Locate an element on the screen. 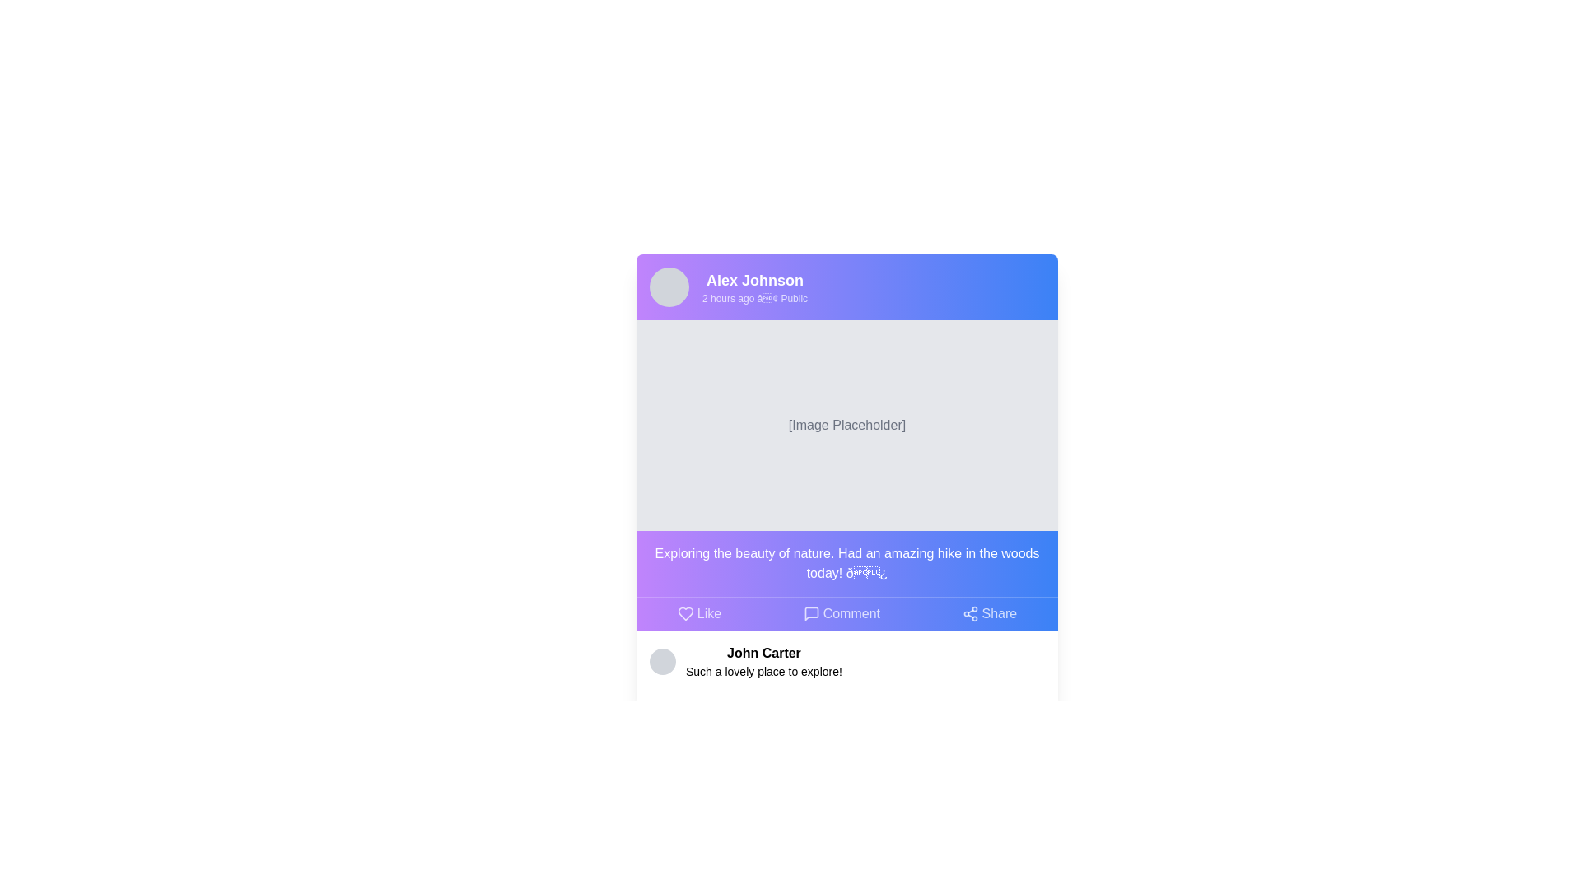 This screenshot has height=889, width=1581. the text label displaying the message 'Exploring the beauty of nature. Had an amazing hike in the woods today! 🌿', which is located below the 'Image Placeholder' in the social media post card layout is located at coordinates (846, 563).